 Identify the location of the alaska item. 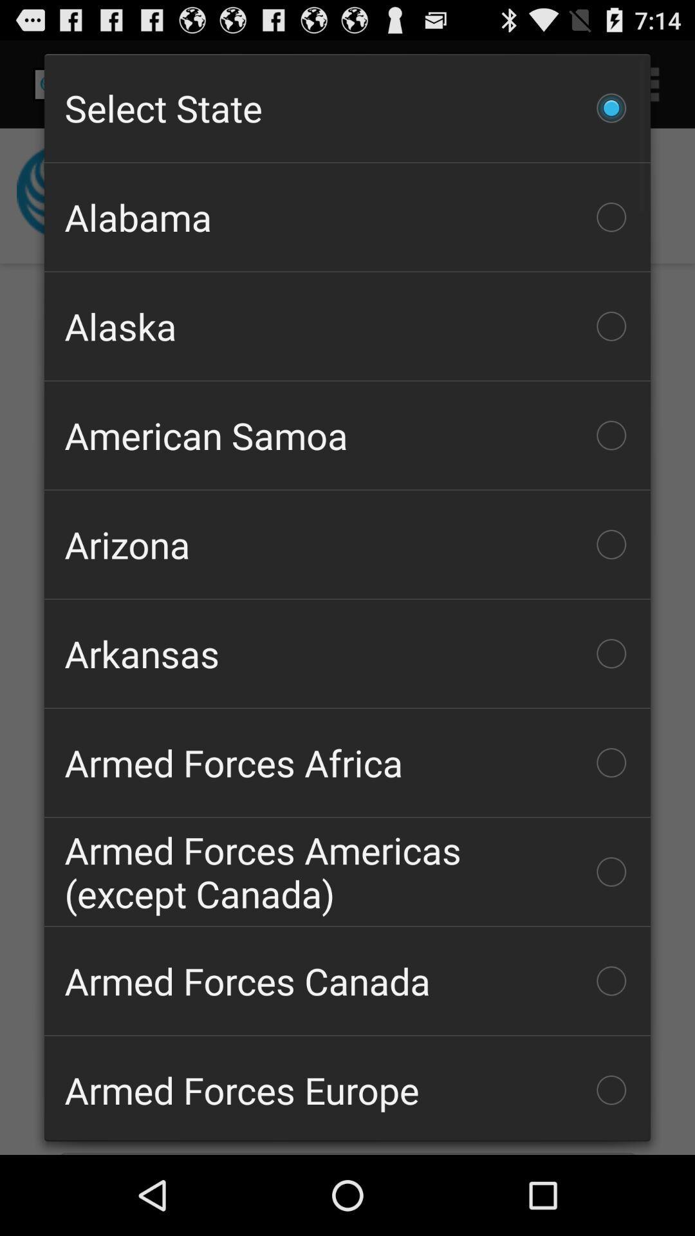
(347, 326).